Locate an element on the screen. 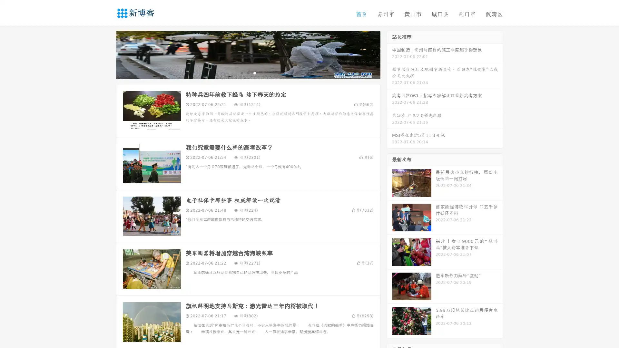  Go to slide 3 is located at coordinates (254, 72).